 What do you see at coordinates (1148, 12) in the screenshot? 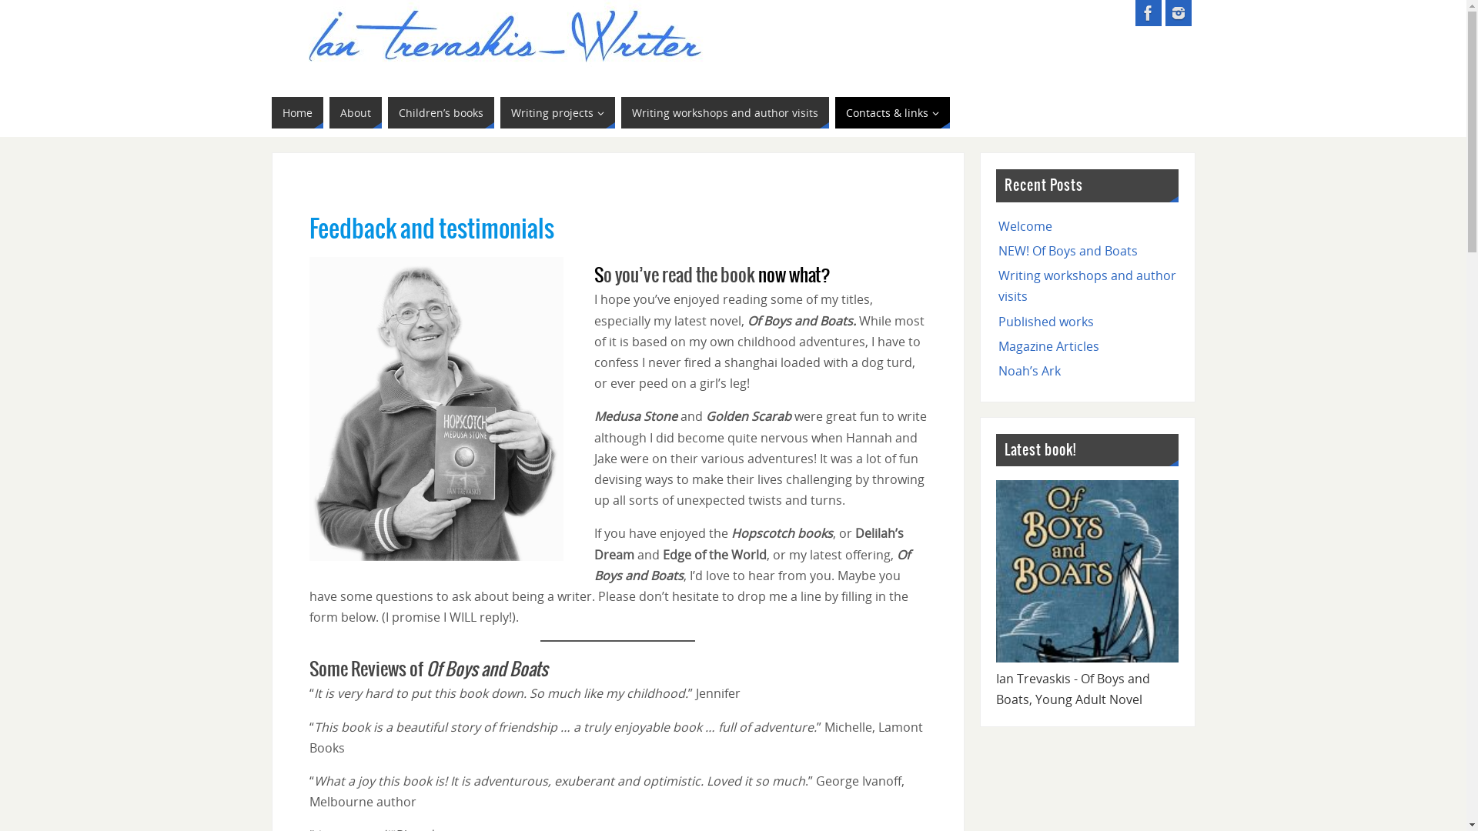
I see `'Ian Trevaskis - Facebook'` at bounding box center [1148, 12].